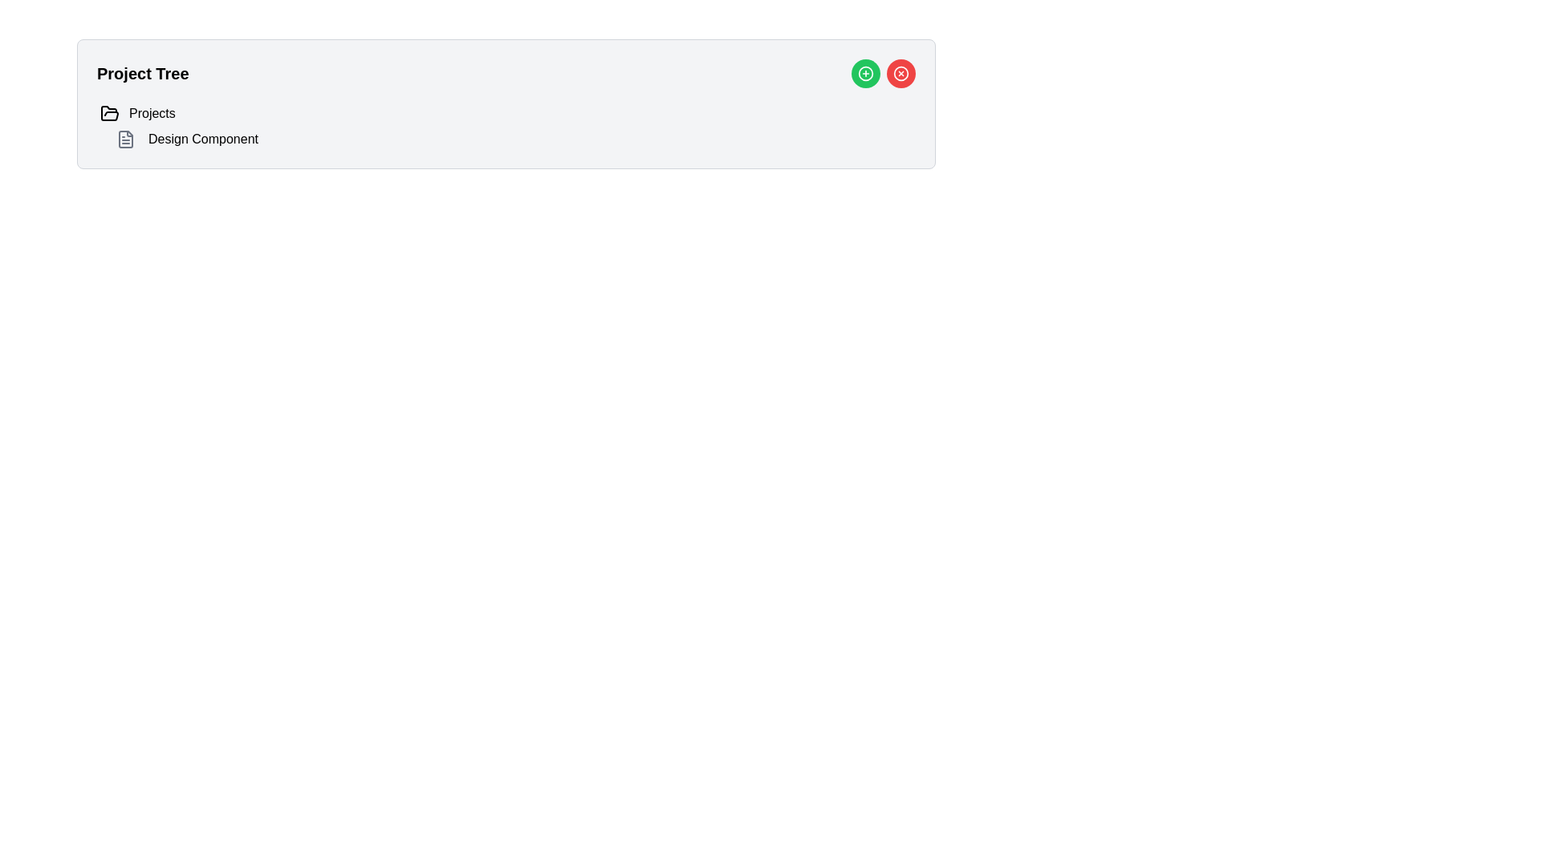 The height and width of the screenshot is (866, 1541). What do you see at coordinates (109, 113) in the screenshot?
I see `the interactive folder icon located to the left of the text 'Projects' in the 'Project Tree' section` at bounding box center [109, 113].